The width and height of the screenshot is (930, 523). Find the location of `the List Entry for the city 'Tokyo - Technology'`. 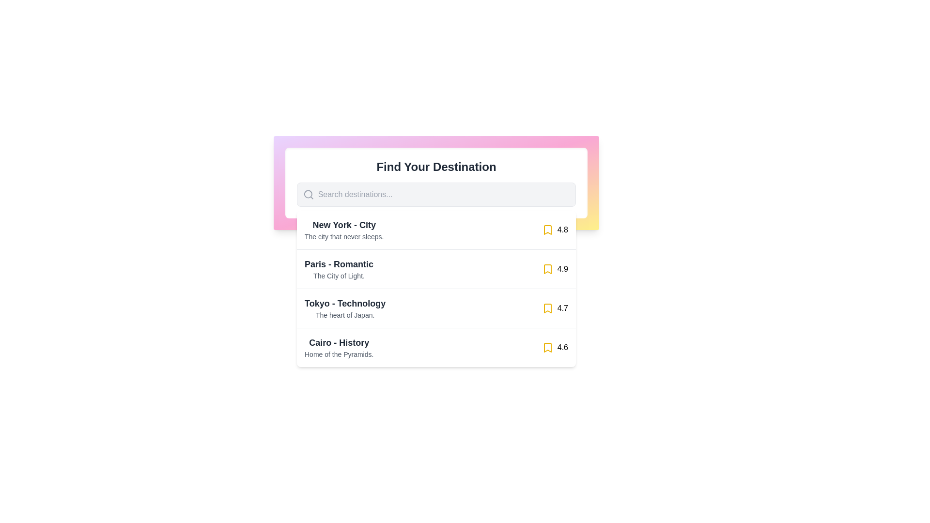

the List Entry for the city 'Tokyo - Technology' is located at coordinates (436, 288).